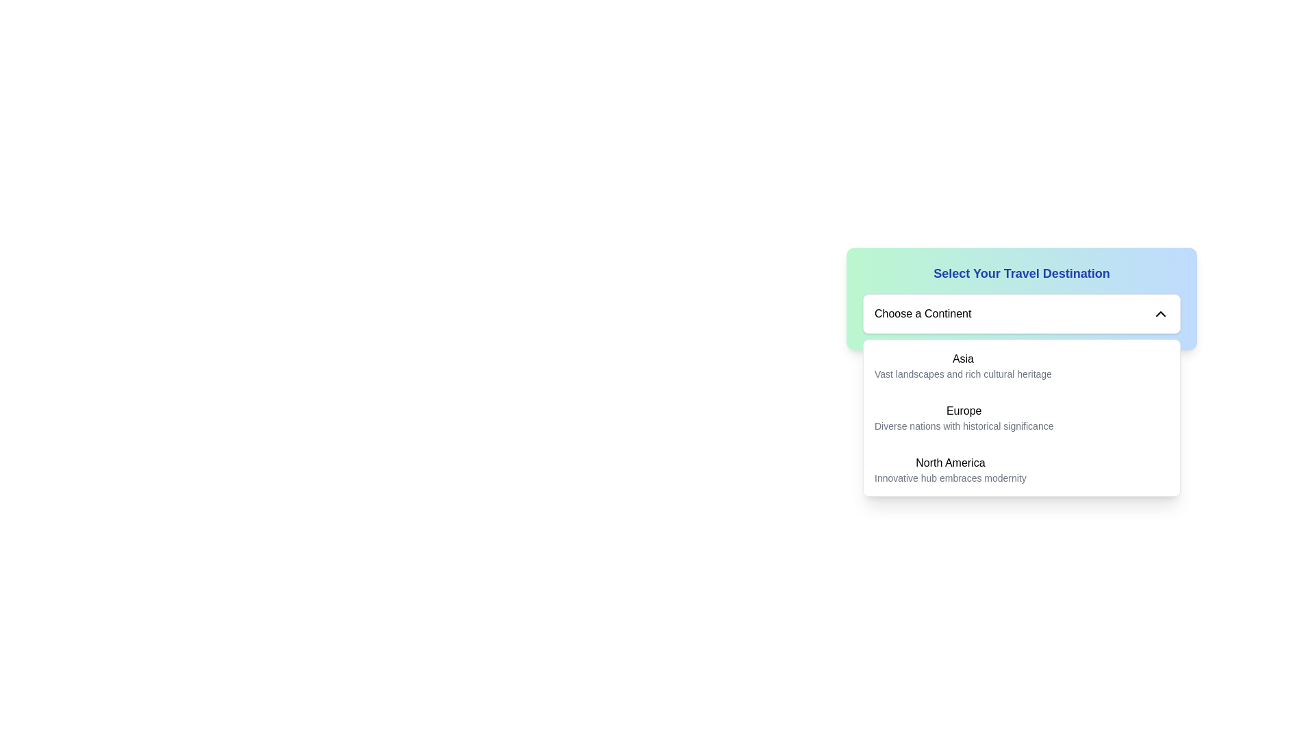 This screenshot has width=1315, height=739. Describe the element at coordinates (962, 358) in the screenshot. I see `the text label for the continent of Asia within the 'Select Your Travel Destination' dropdown menu to select it` at that location.